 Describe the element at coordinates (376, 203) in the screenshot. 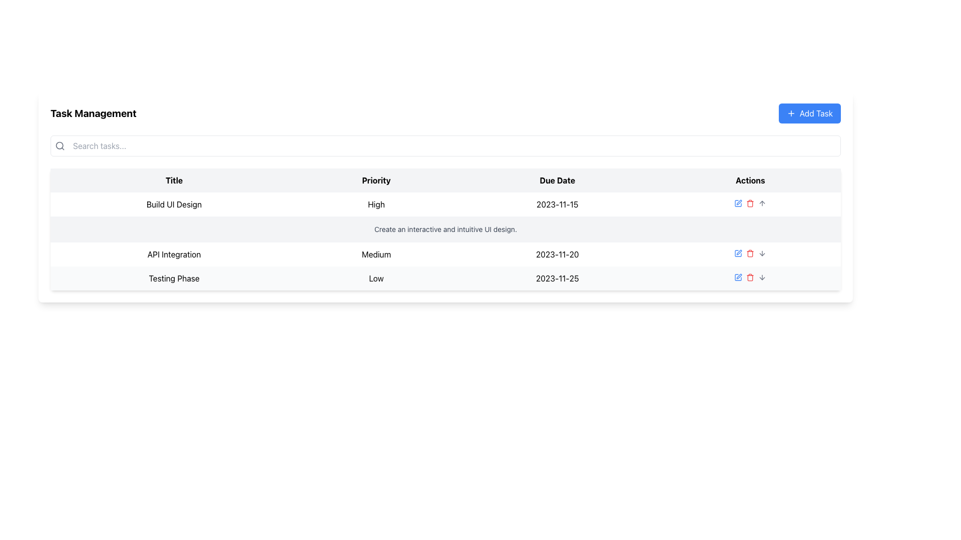

I see `the text label 'High' in the 'Priority' column of the task management table for the task 'Build UI Design'` at that location.